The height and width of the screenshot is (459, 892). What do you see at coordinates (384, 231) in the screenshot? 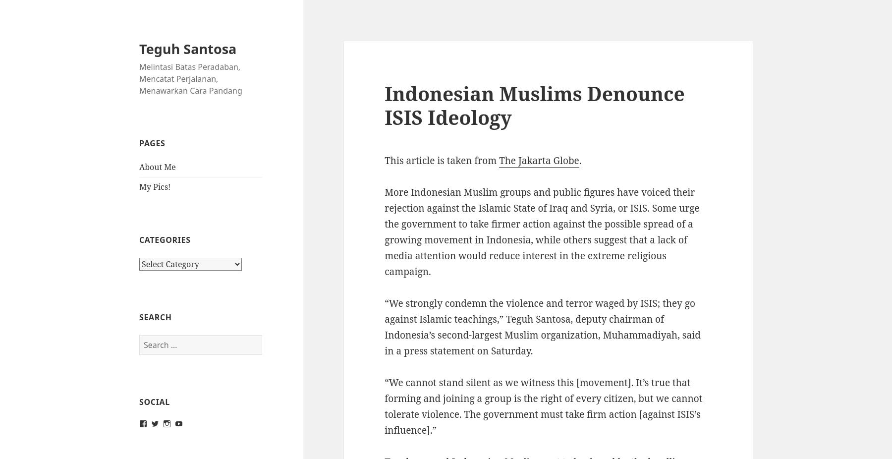
I see `'More Indonesian Muslim groups and public figures have voiced their rejection against the Islamic State of Iraq and Syria, or ISIS. Some urge the government to take firmer action against the possible spread of a growing movement in Indonesia, while others suggest that a lack of media attention would reduce interest in the extreme religious campaign.'` at bounding box center [384, 231].